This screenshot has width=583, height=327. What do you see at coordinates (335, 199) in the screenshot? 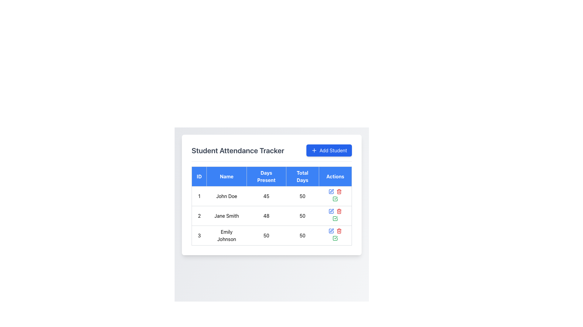
I see `the green check mark icon in the 'Actions' column of the last row for the student 'Emily Johnson'` at bounding box center [335, 199].